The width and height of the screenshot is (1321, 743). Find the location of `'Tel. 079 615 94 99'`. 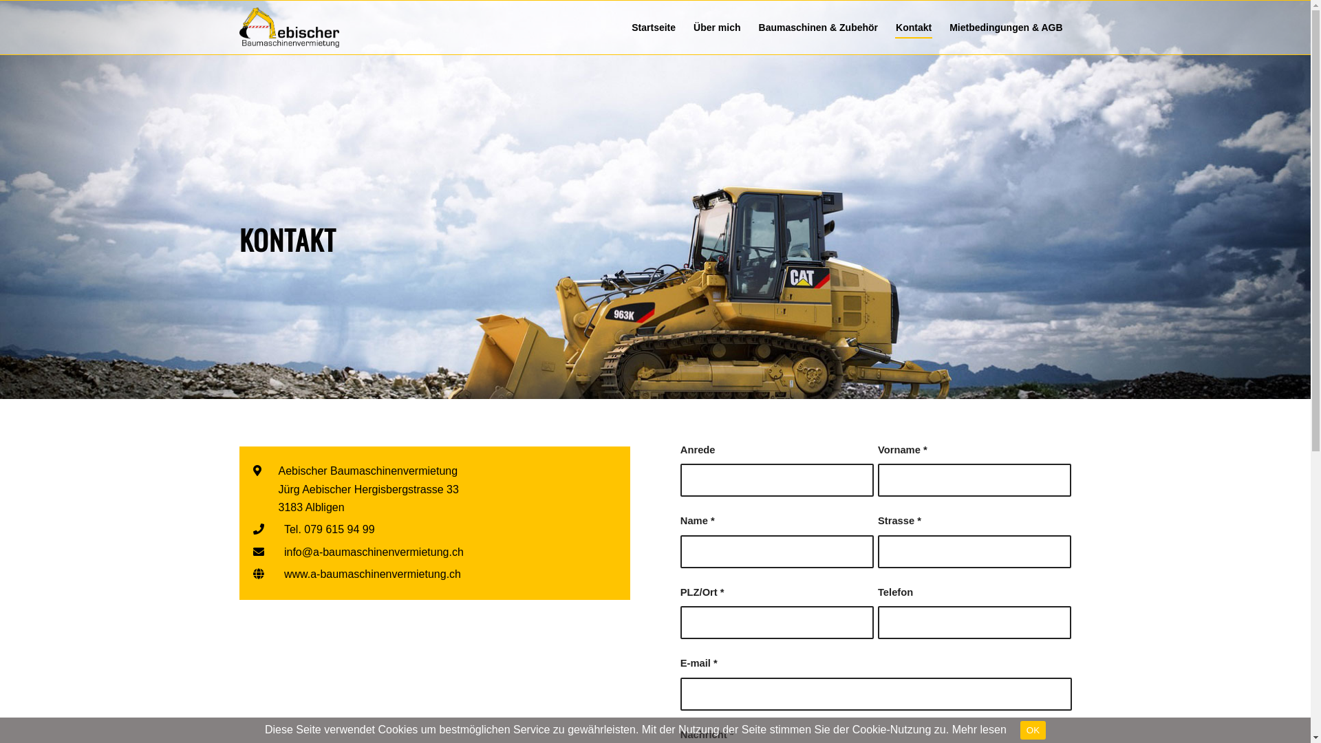

'Tel. 079 615 94 99' is located at coordinates (329, 529).